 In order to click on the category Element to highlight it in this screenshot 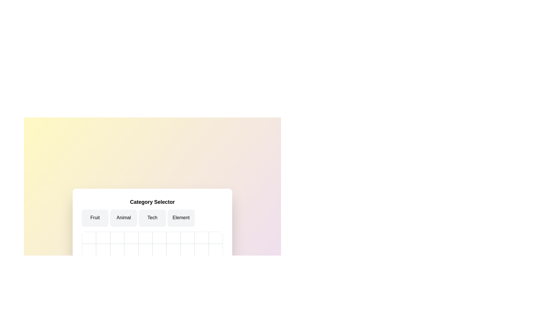, I will do `click(181, 217)`.